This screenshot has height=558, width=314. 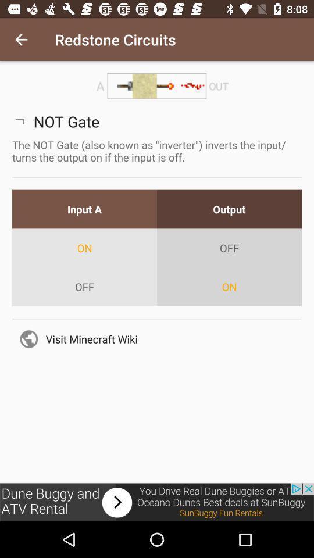 I want to click on advertisement page, so click(x=157, y=502).